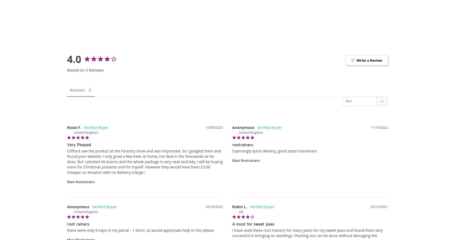  I want to click on 'Suprisingly quick delivery, good sized rootrainers', so click(274, 151).